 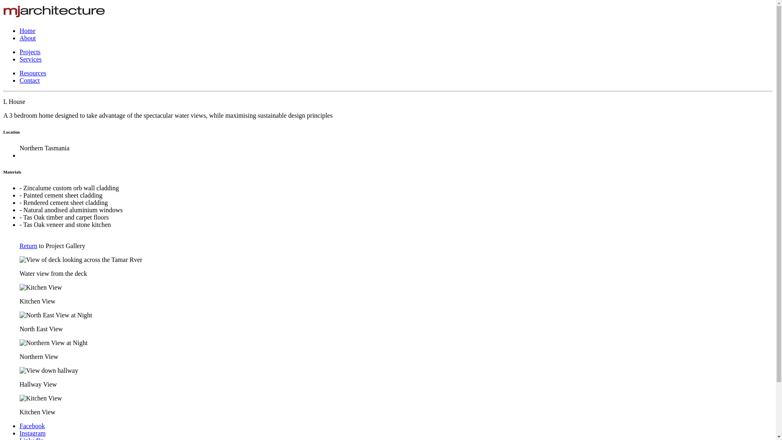 I want to click on 'Facebook', so click(x=20, y=425).